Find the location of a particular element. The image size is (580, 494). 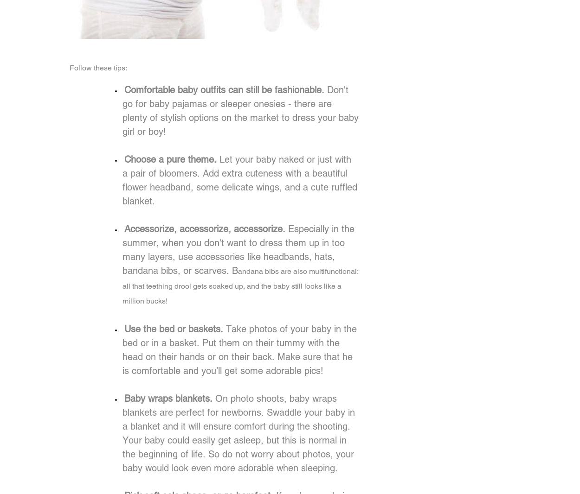

'Choose a pure theme.' is located at coordinates (171, 159).